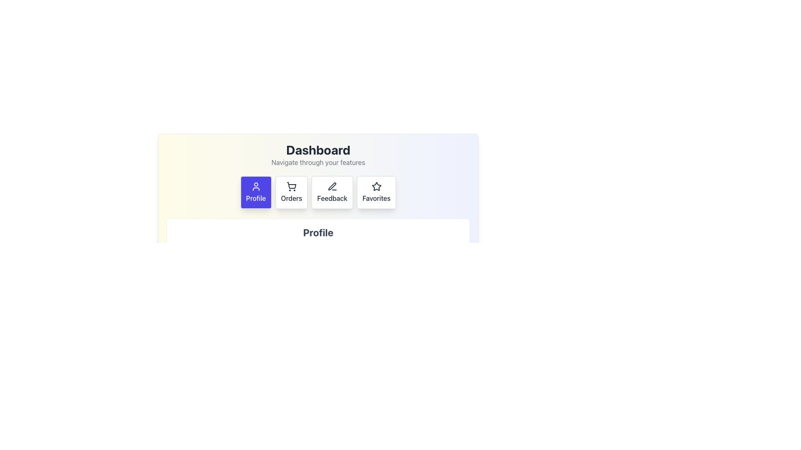 Image resolution: width=801 pixels, height=450 pixels. I want to click on the text label 'Favorites' which is centrally placed within the rounded rectangular button, located at the rightmost position in a row of four buttons, so click(376, 198).